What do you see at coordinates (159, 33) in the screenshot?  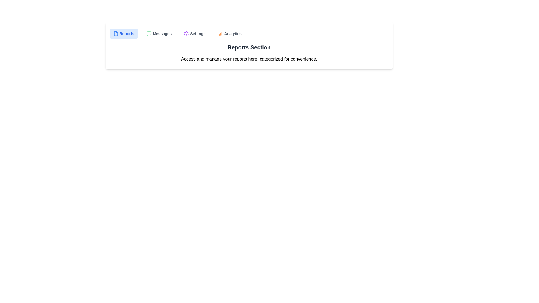 I see `the 'Messages' button located in the horizontal navigation bar, which is the second button from the left` at bounding box center [159, 33].